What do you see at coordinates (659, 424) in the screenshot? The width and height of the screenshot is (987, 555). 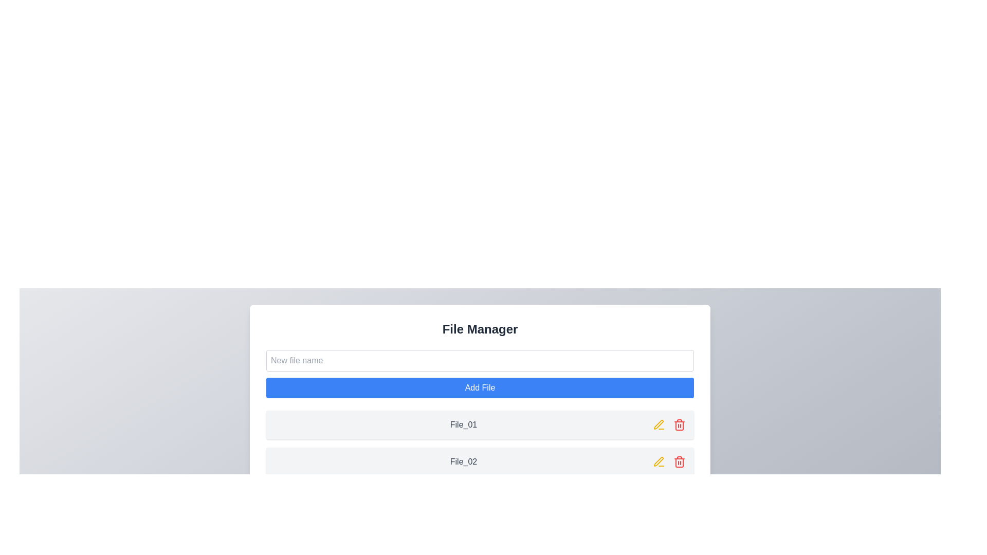 I see `the yellow pen icon button located in the second row of the file list section, adjacent to the 'File_02' entry` at bounding box center [659, 424].